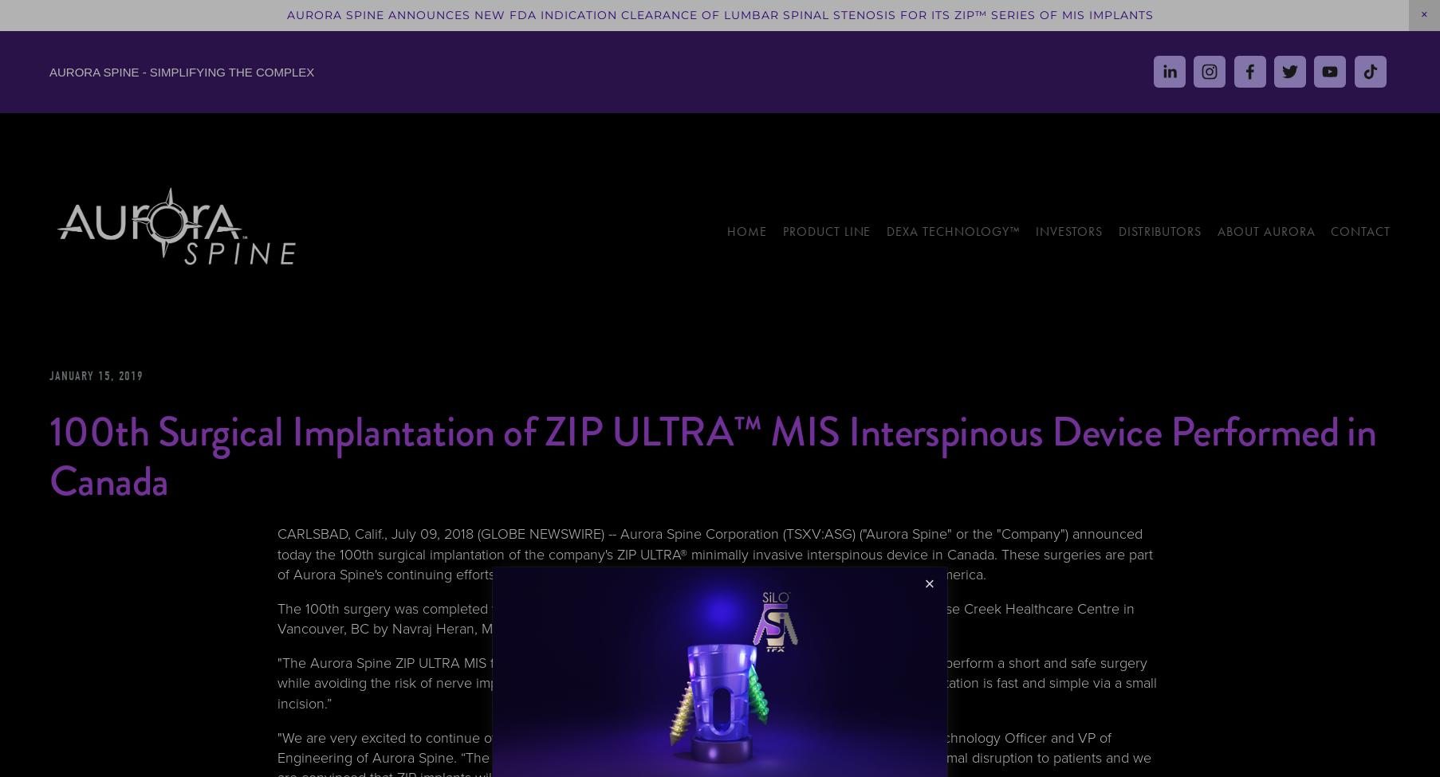  I want to click on 'DISTRIBUTORS', so click(1159, 230).